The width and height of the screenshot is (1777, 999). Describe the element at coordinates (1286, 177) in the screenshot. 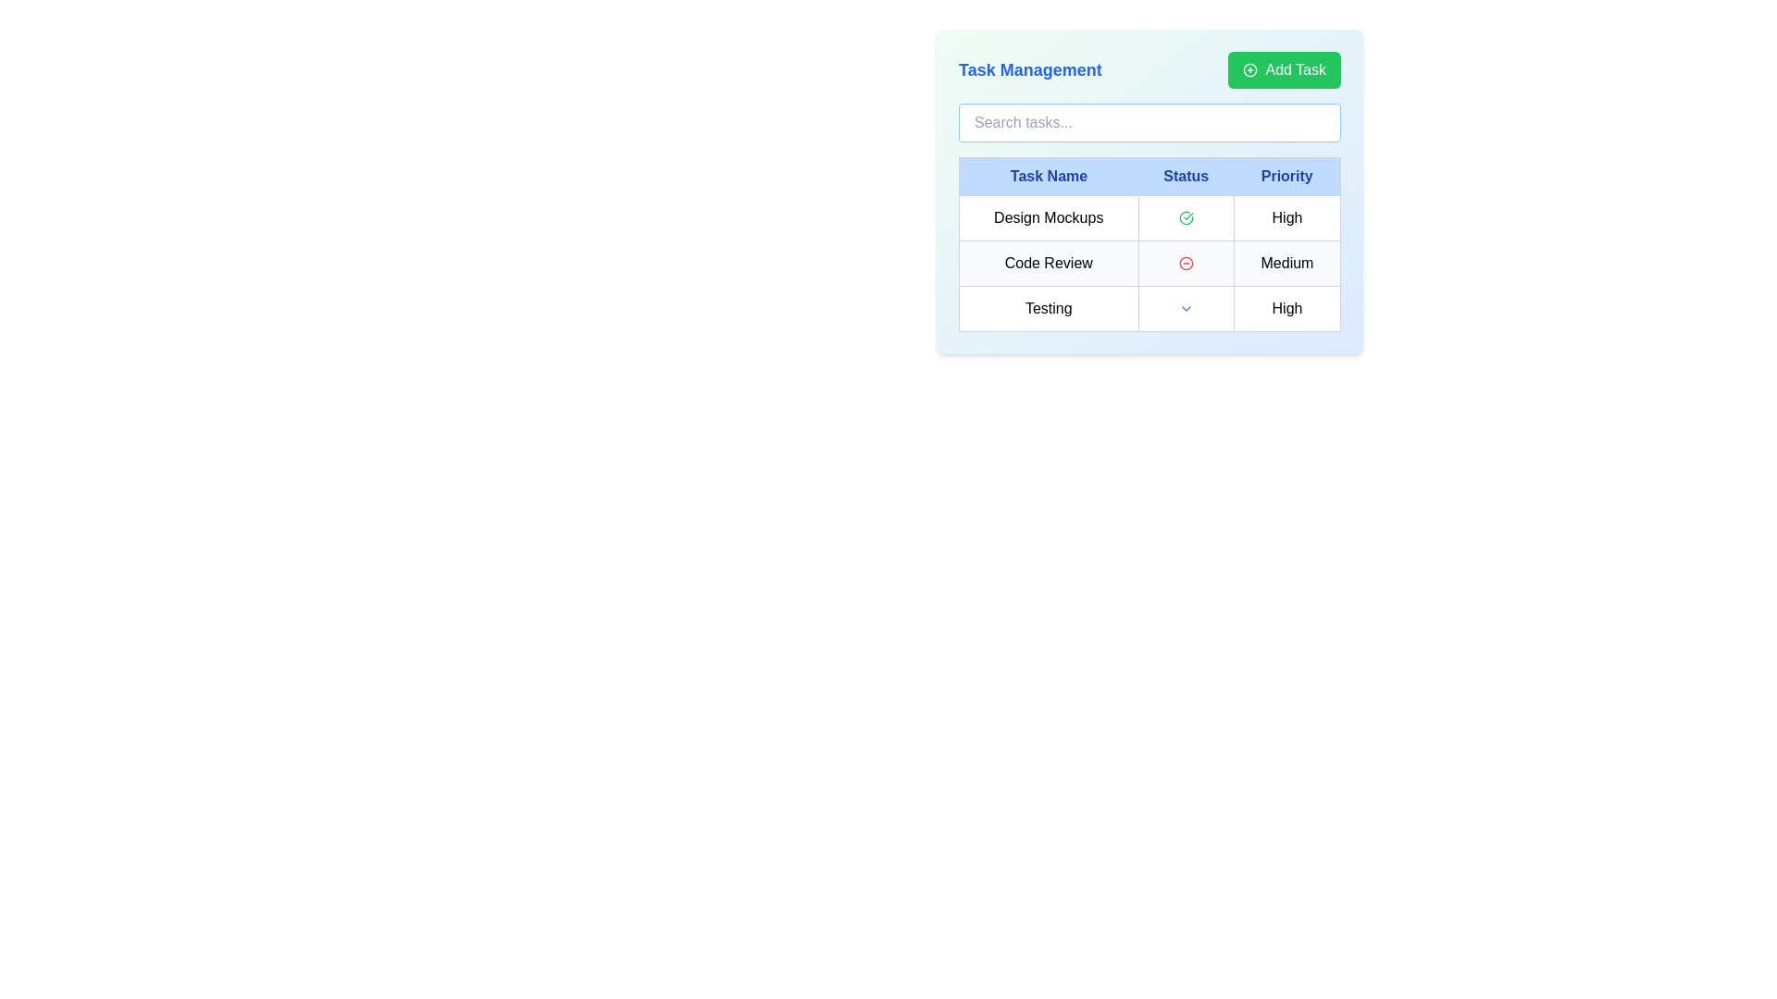

I see `the text label displaying 'Priority' in blue color located in the header row of the table, positioned between the 'Status' label and the left edge of the table` at that location.